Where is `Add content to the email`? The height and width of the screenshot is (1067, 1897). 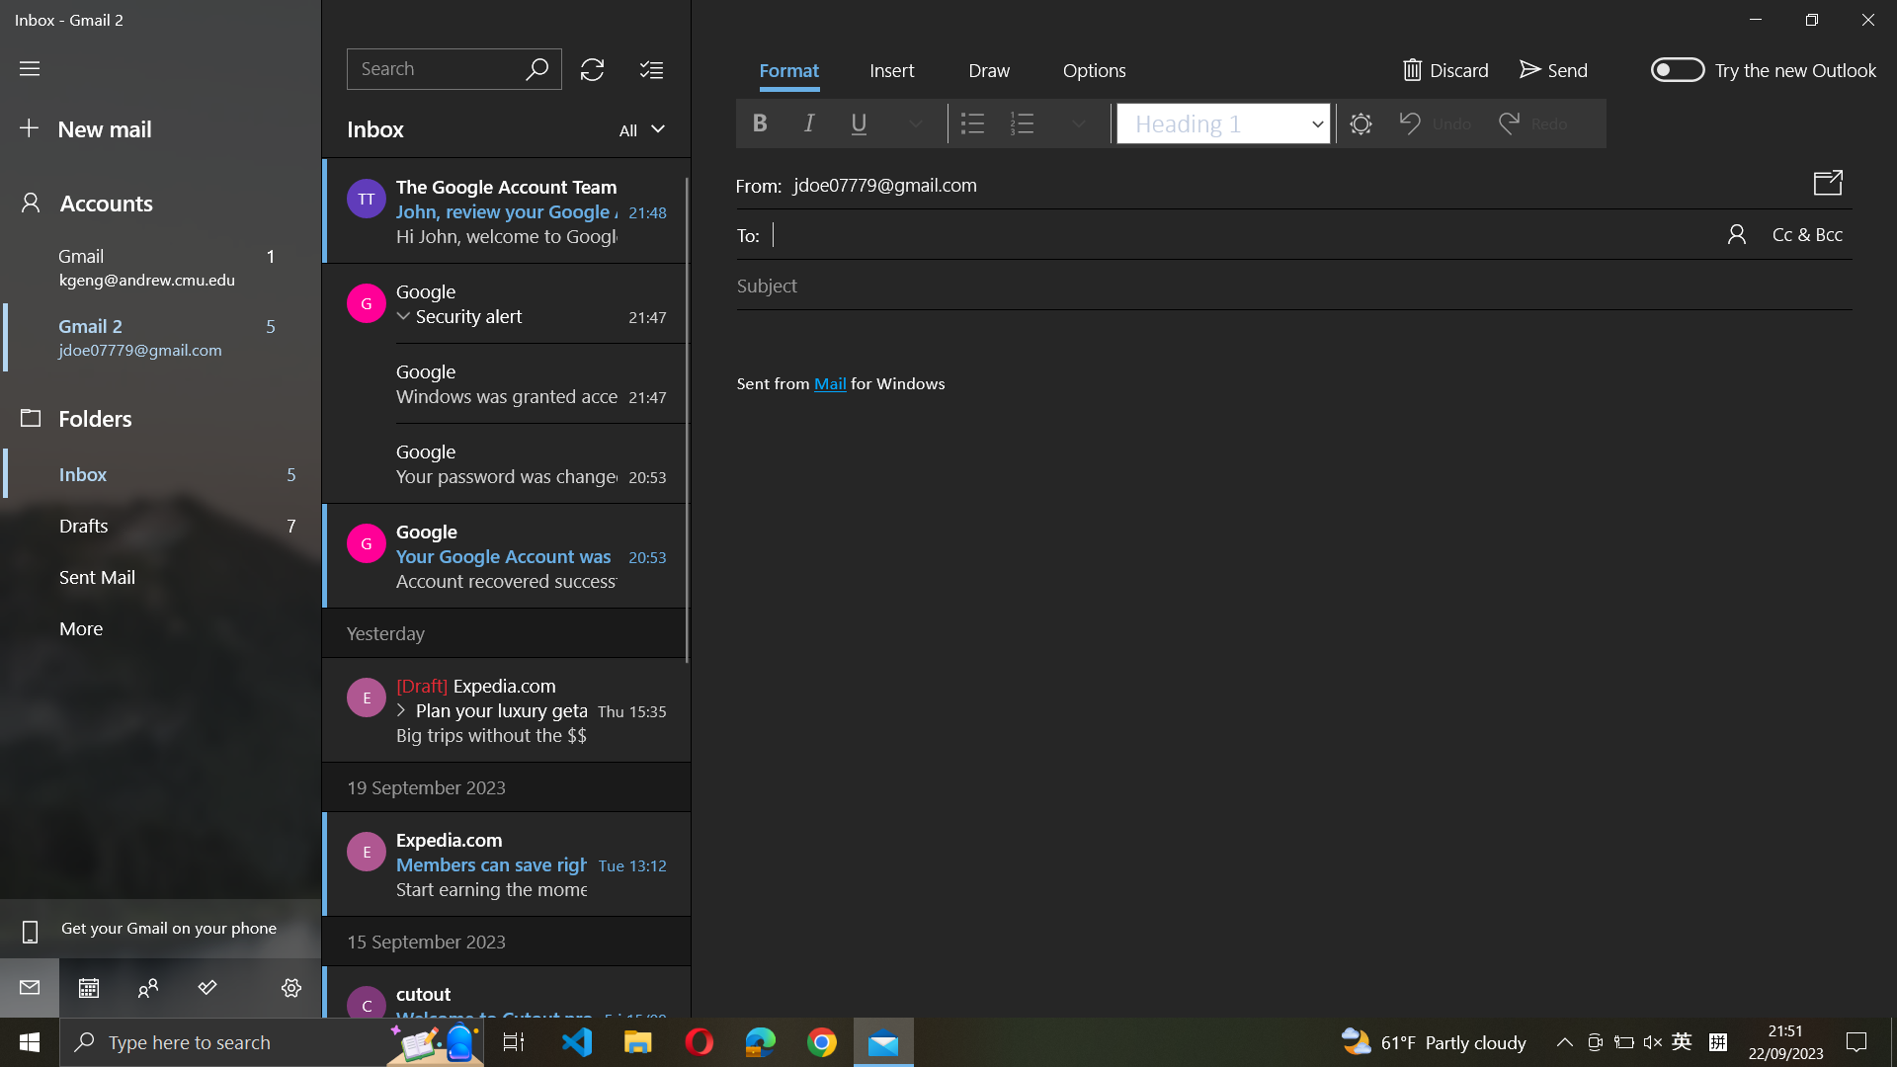 Add content to the email is located at coordinates (890, 71).